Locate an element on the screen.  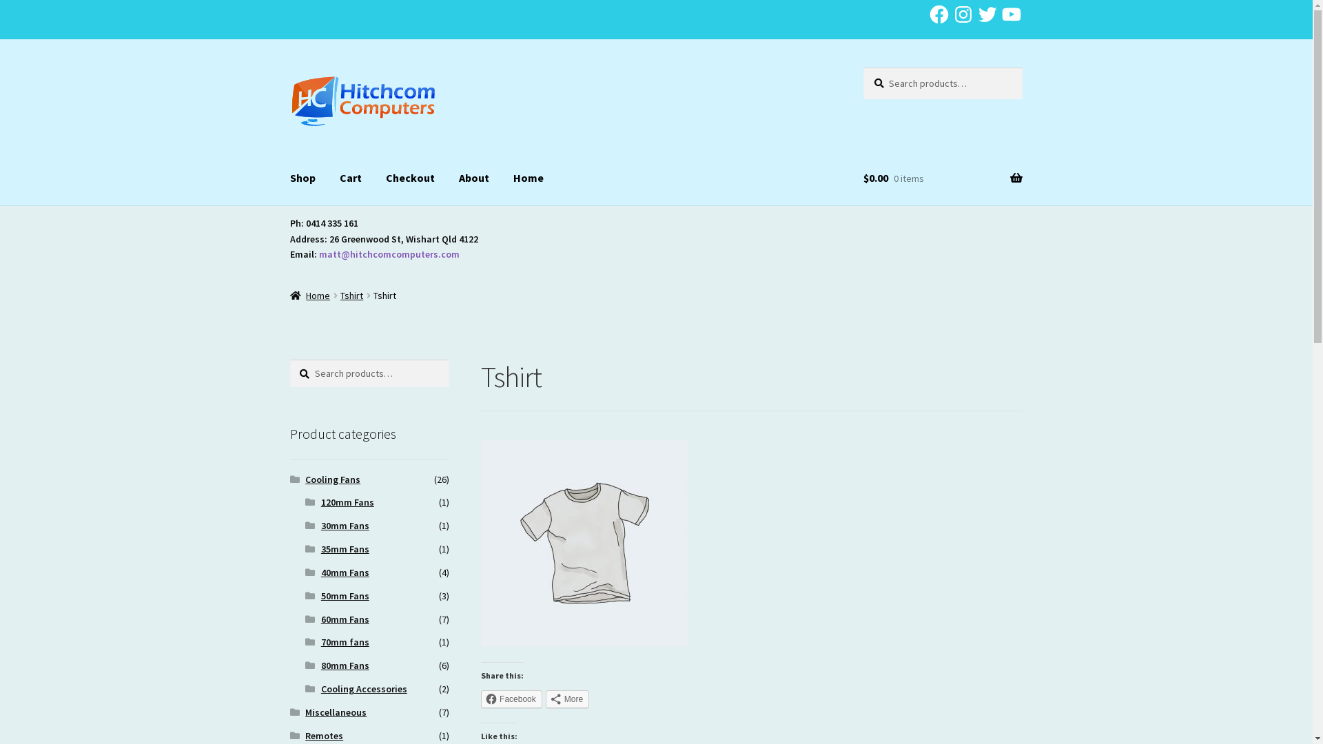
'Checkout' is located at coordinates (409, 177).